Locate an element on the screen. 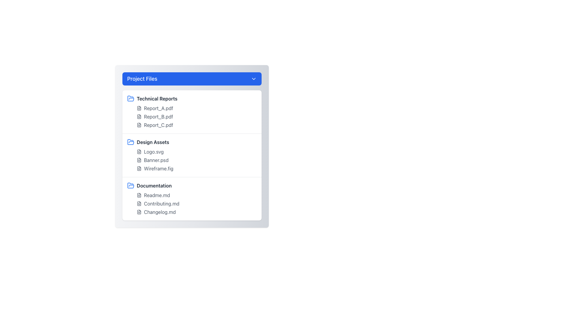  the icon resembling a stylized document file located in the 'Design Assets' section of the file browser, next to 'Logo.svg' is located at coordinates (139, 151).